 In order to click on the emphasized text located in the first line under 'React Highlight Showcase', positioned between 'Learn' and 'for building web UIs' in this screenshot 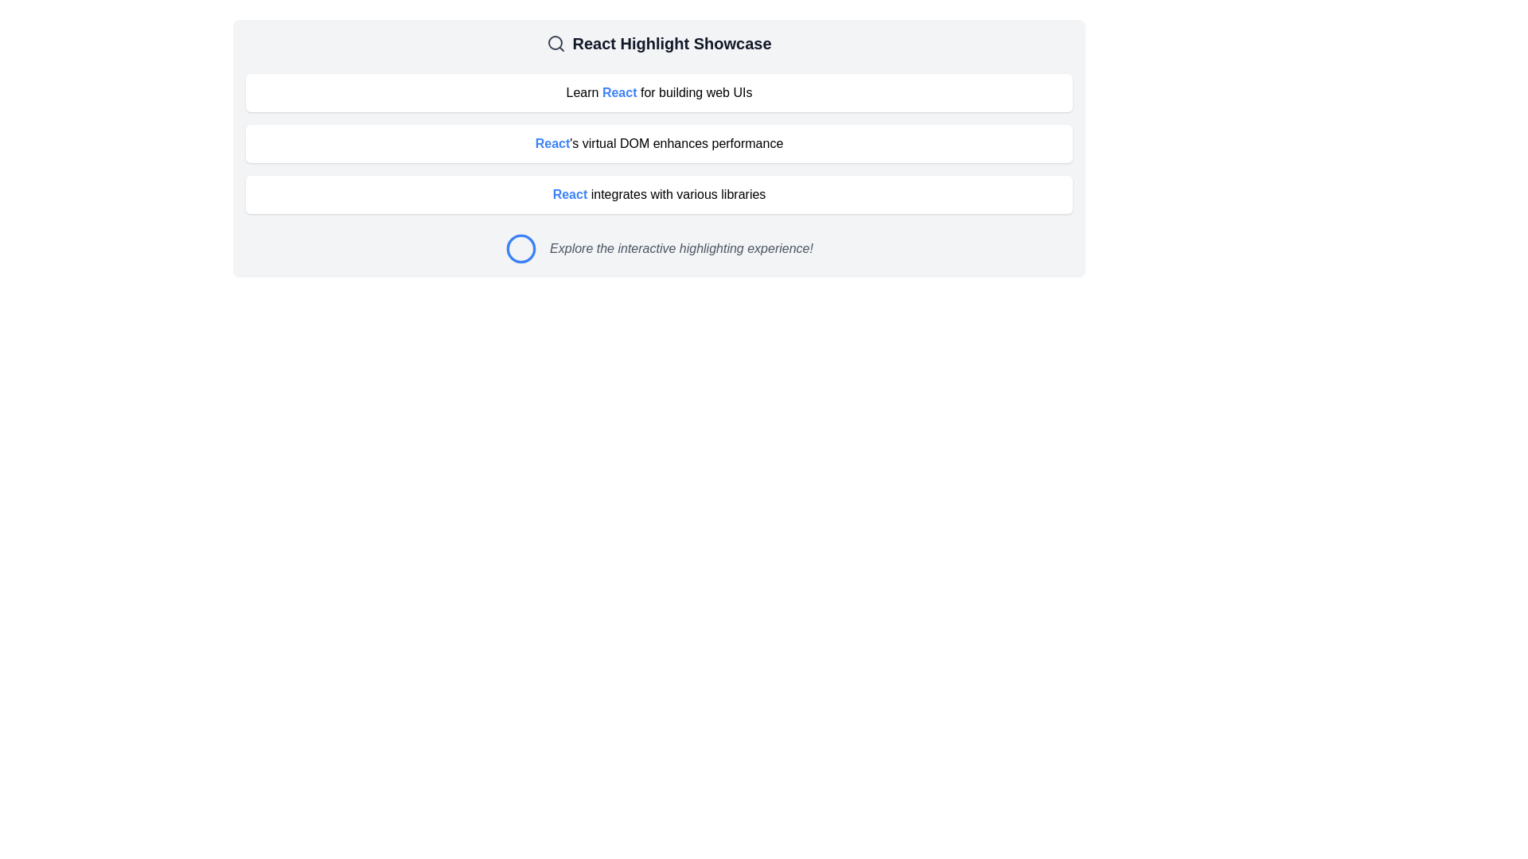, I will do `click(618, 92)`.